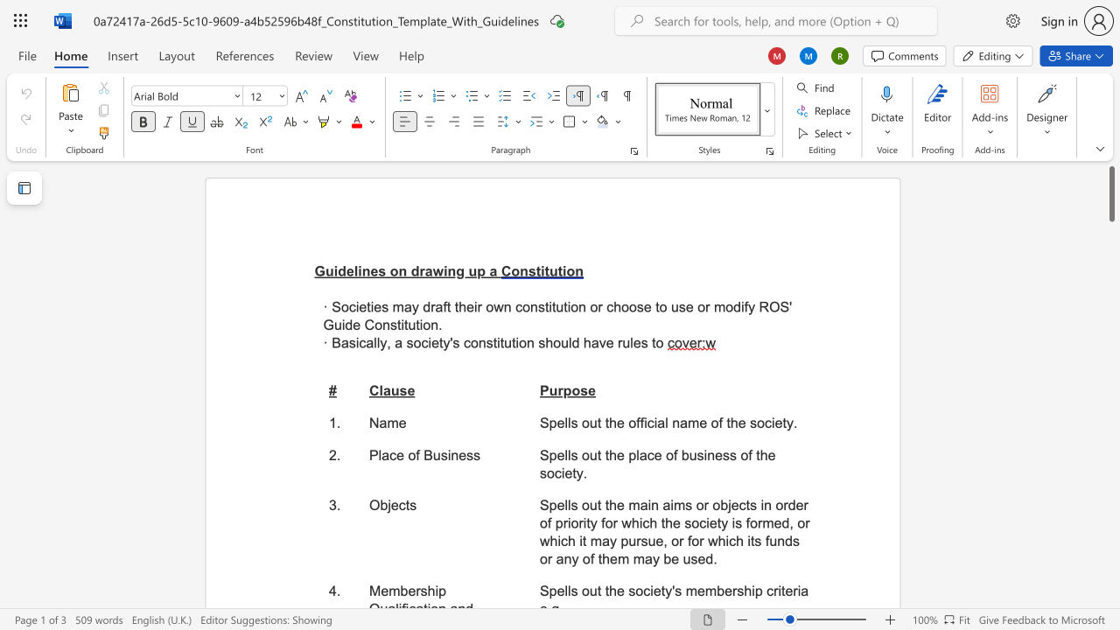 The width and height of the screenshot is (1120, 630). I want to click on the space between the continuous character "i" and "t" in the text, so click(403, 325).